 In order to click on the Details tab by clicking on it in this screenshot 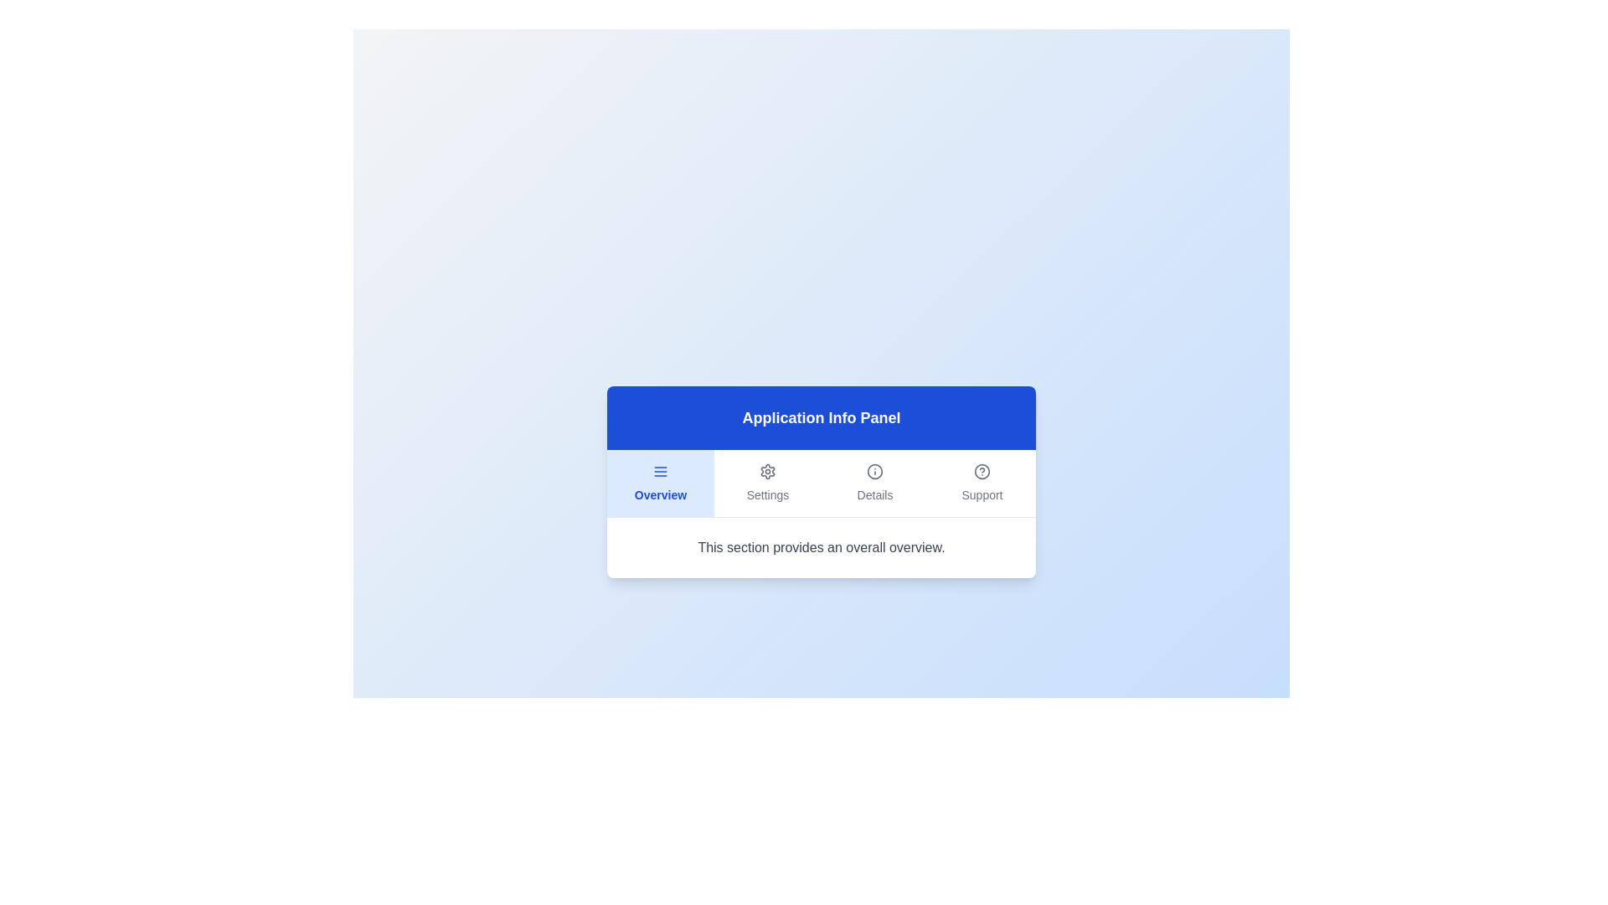, I will do `click(874, 483)`.